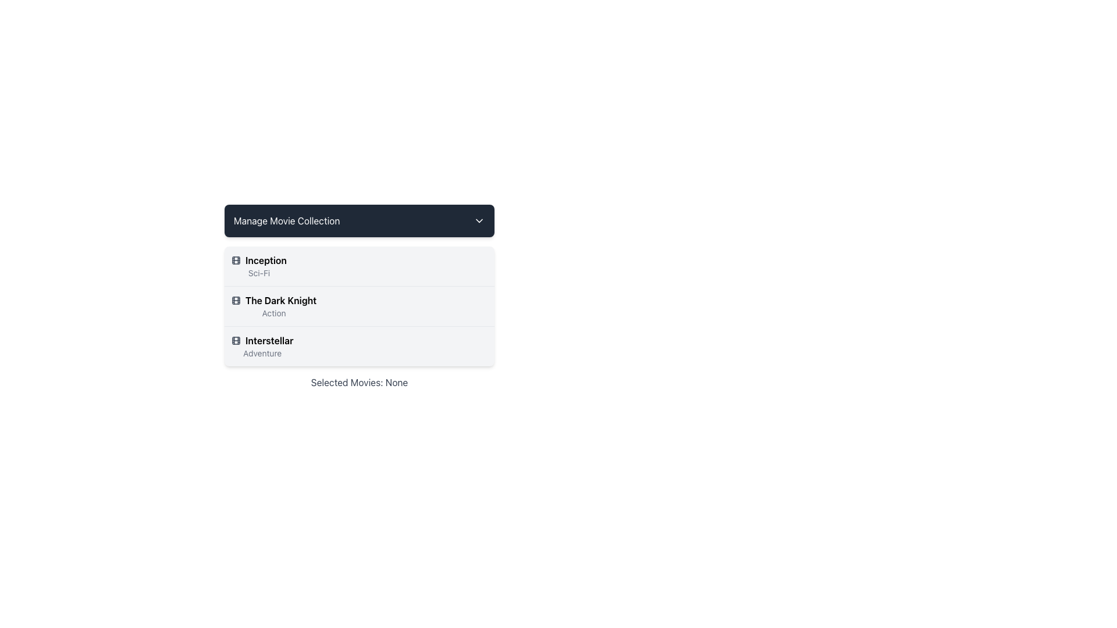 The height and width of the screenshot is (628, 1117). Describe the element at coordinates (273, 306) in the screenshot. I see `to select the movie entry titled 'The Dark Knight' in the pop-up UI component 'Manage Movie Collection'` at that location.